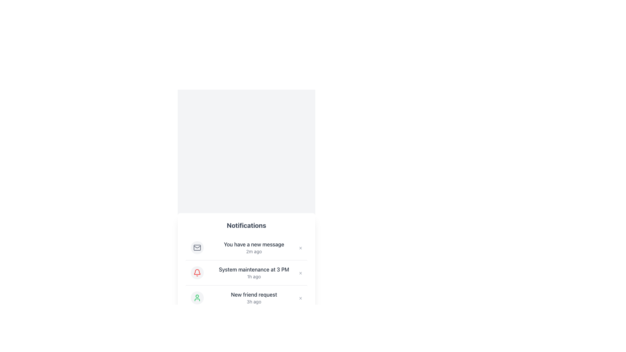 Image resolution: width=626 pixels, height=352 pixels. I want to click on the static text element that displays a notification message for a new friend request, located within the third notification card in the list, so click(254, 298).